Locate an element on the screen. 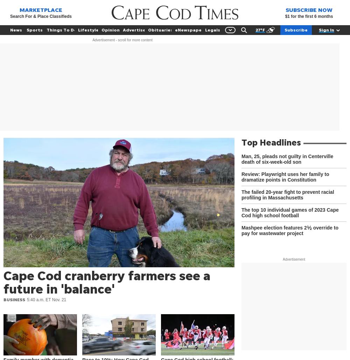 The image size is (350, 360). 'Sports' is located at coordinates (34, 29).